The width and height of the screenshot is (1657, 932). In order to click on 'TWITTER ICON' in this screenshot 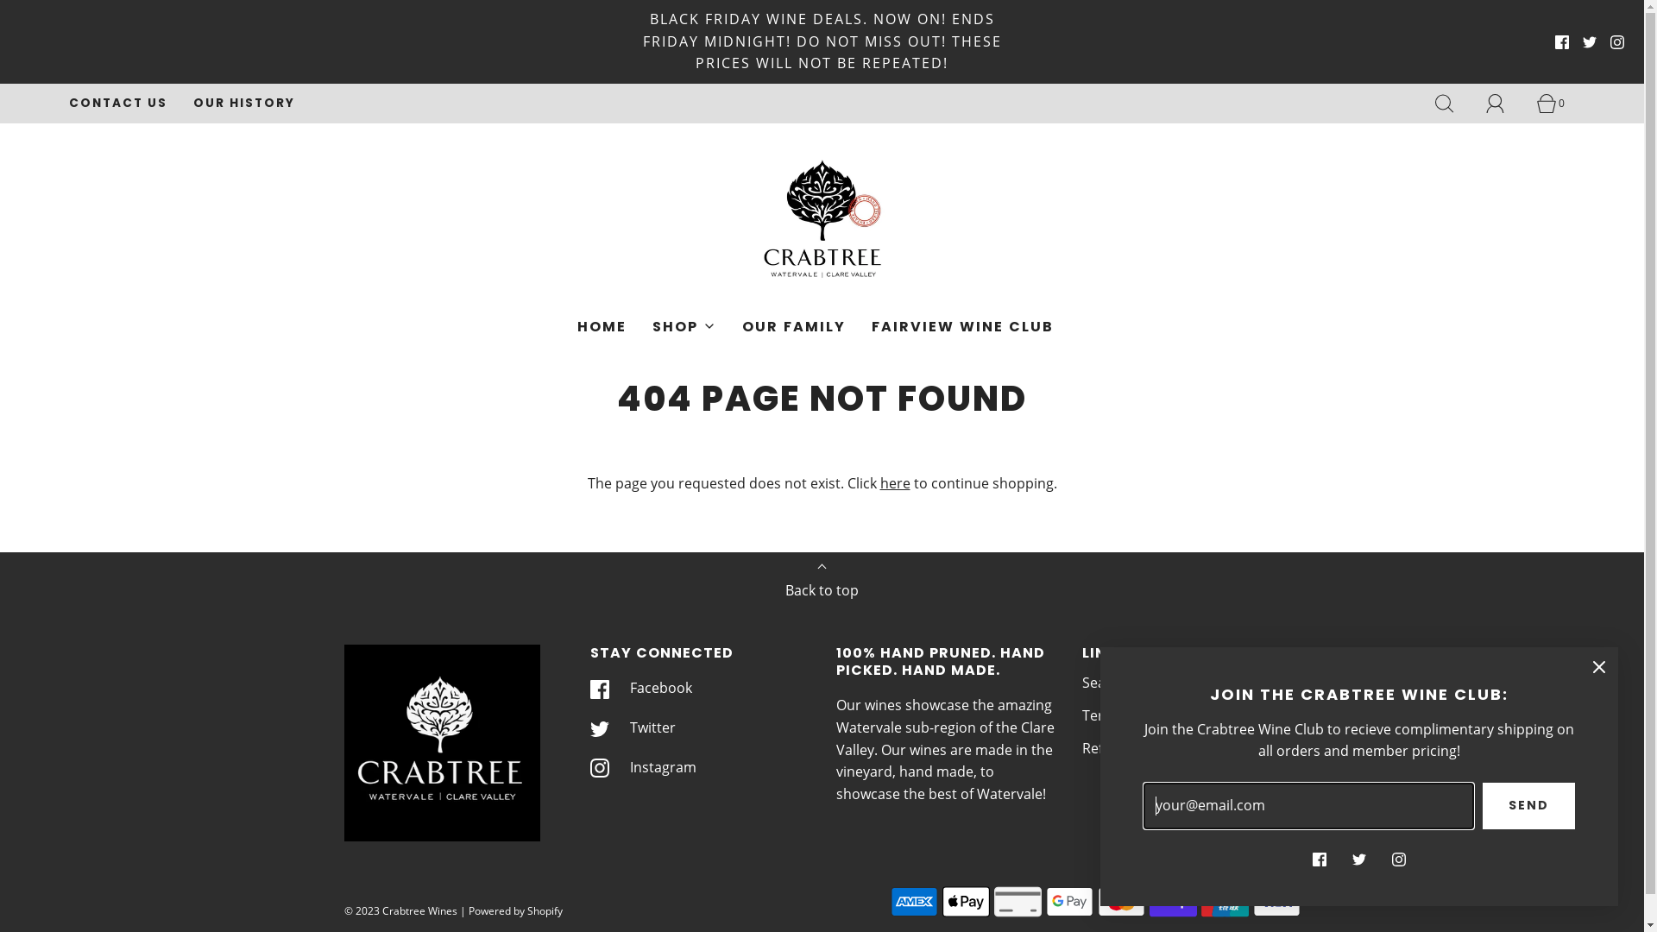, I will do `click(1582, 41)`.